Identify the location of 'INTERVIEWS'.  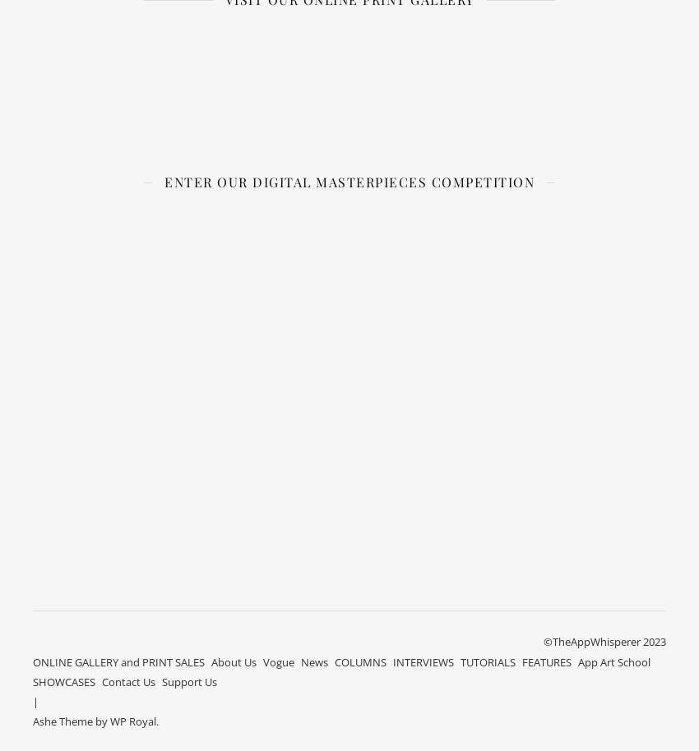
(423, 660).